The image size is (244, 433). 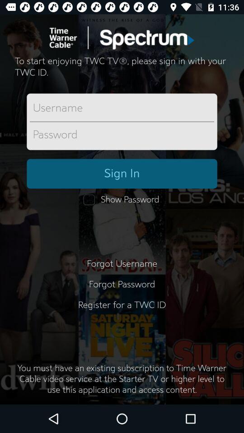 I want to click on the item below forgot username icon, so click(x=122, y=284).